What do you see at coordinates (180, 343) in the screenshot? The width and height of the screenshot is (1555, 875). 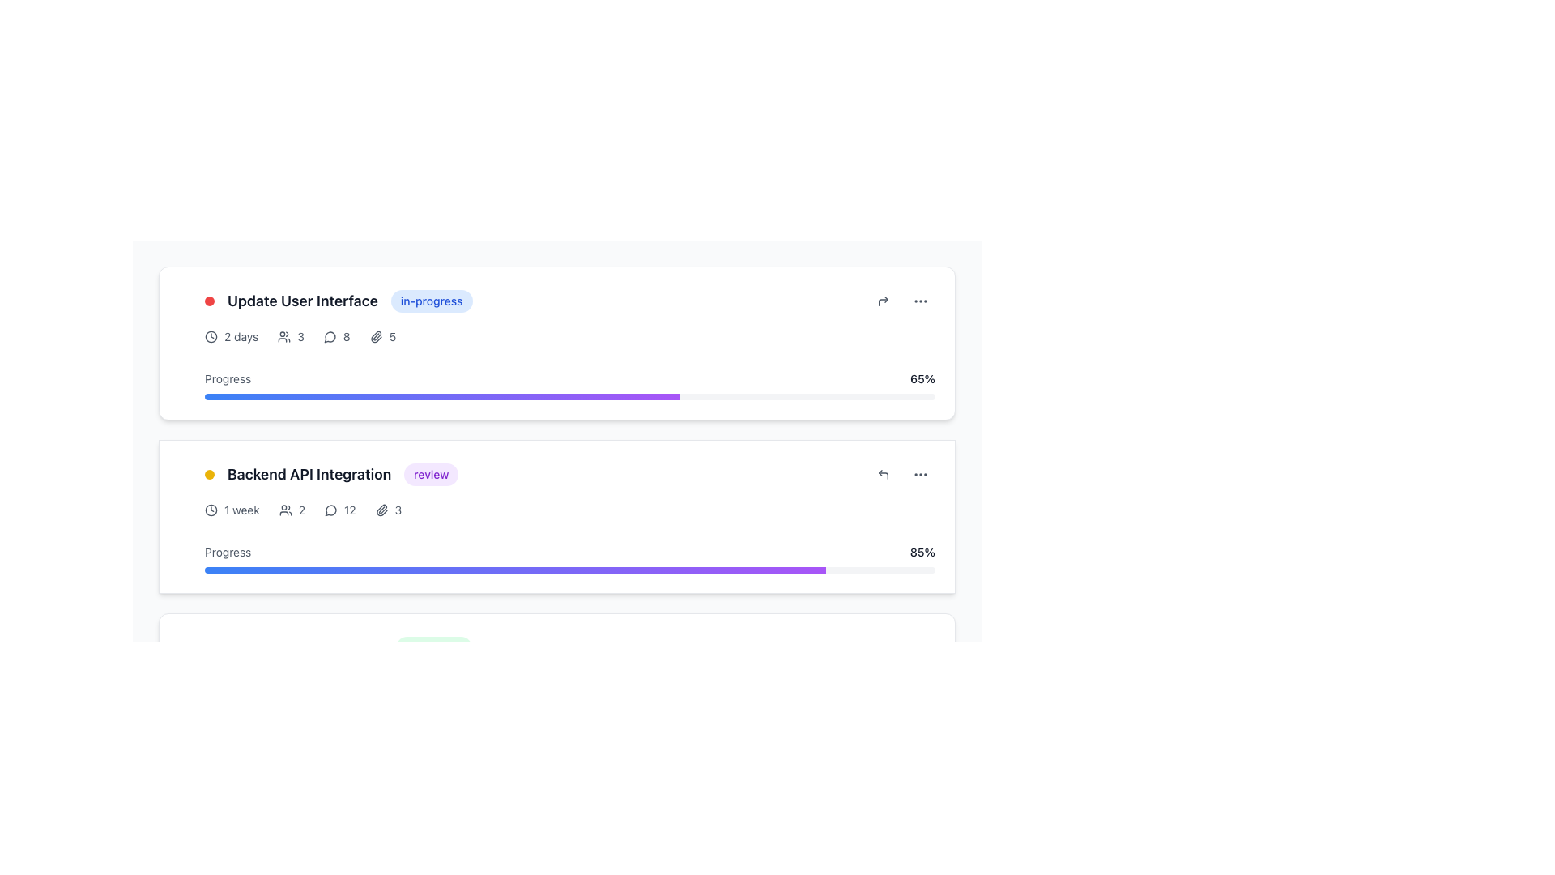 I see `the Drag handle located at the far left of the 'Update User Interface' card` at bounding box center [180, 343].